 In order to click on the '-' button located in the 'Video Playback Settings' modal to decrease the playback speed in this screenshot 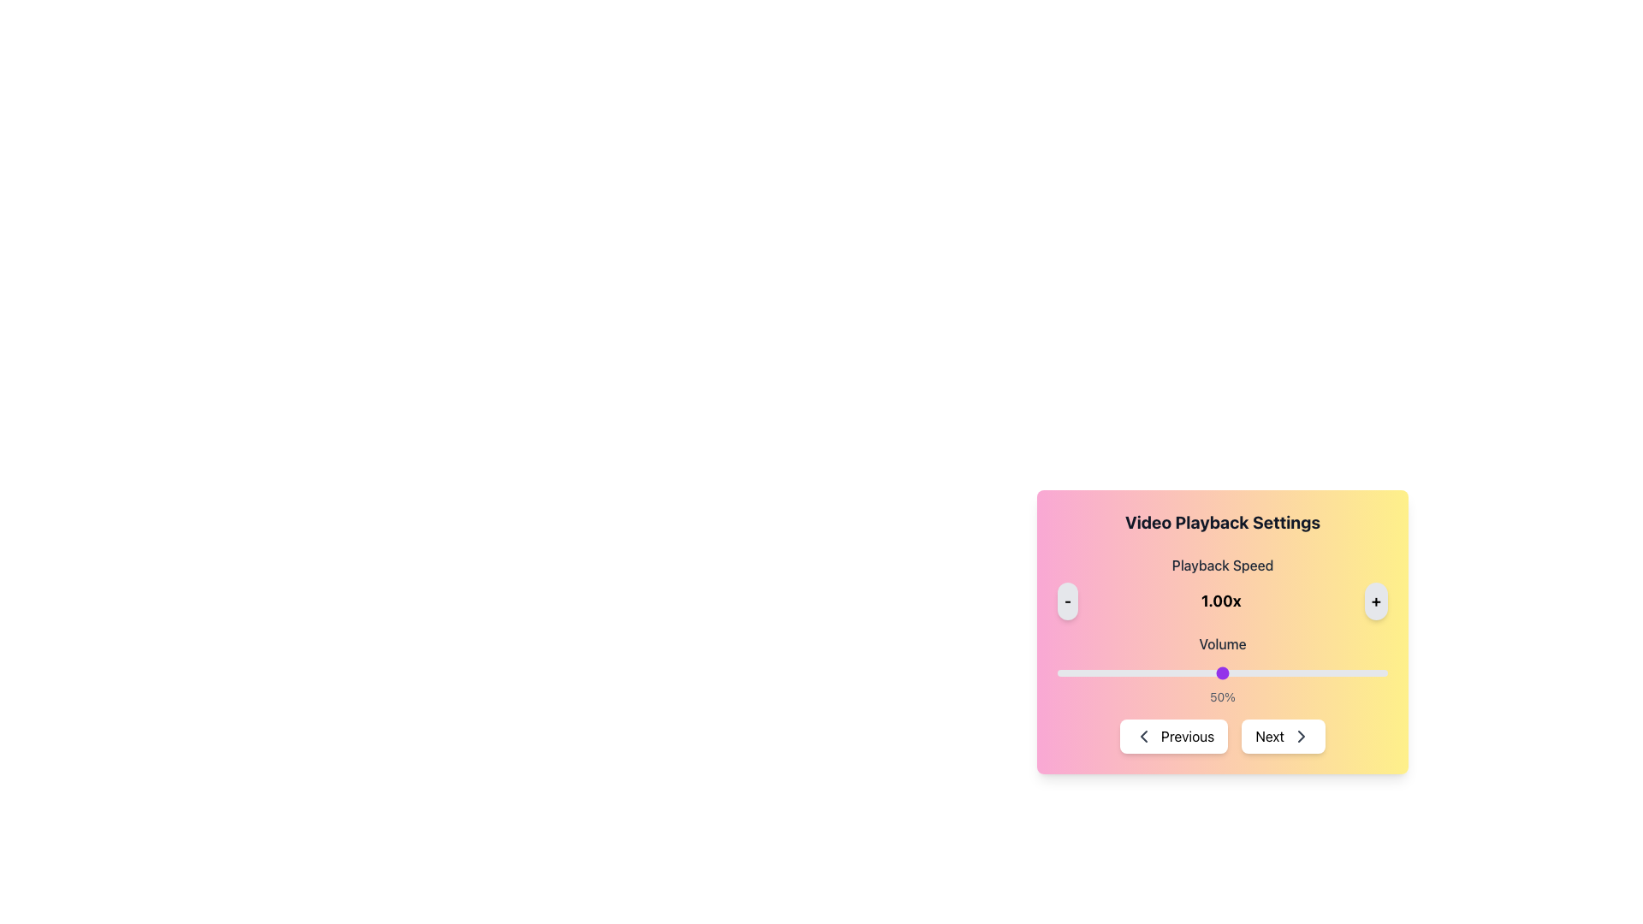, I will do `click(1067, 600)`.